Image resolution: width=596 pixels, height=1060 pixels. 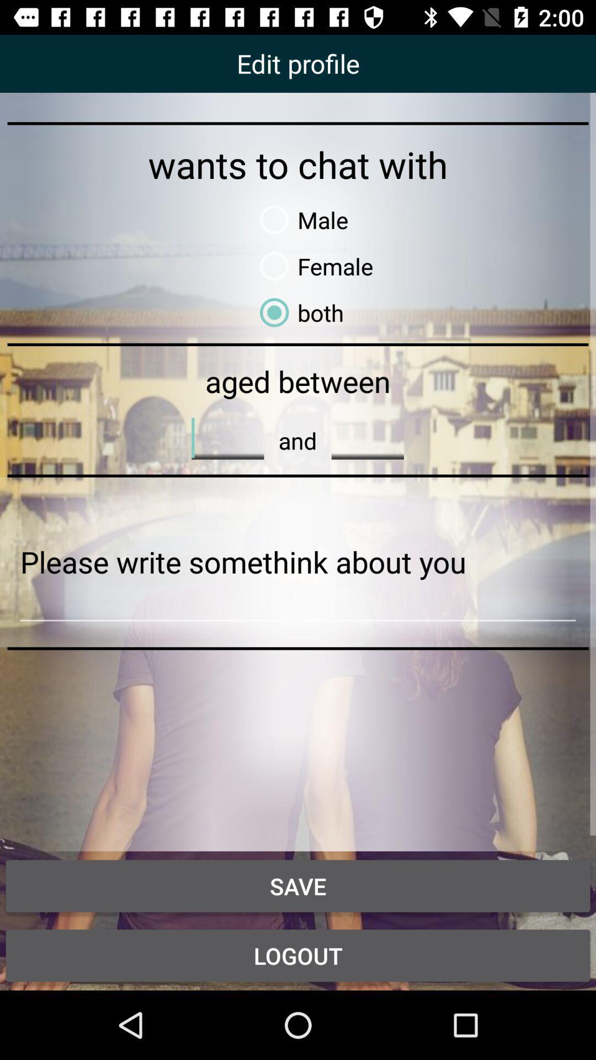 I want to click on choose age option, so click(x=368, y=437).